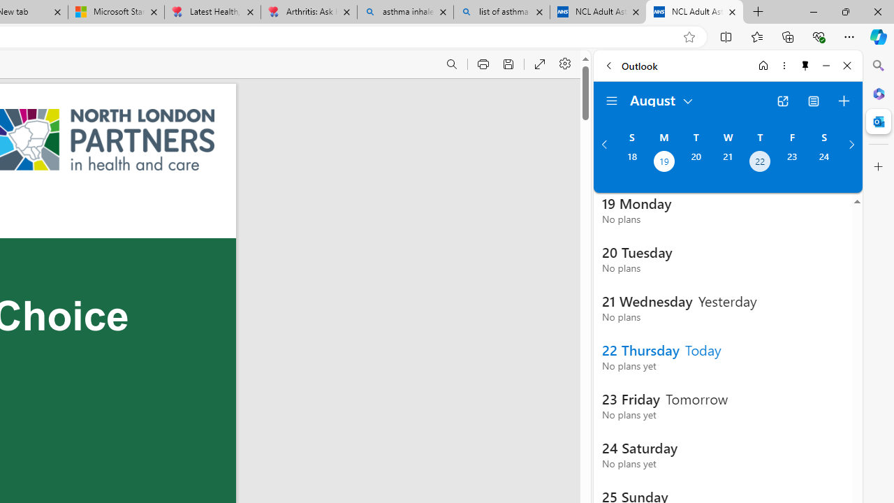 This screenshot has width=894, height=503. I want to click on 'August', so click(661, 99).